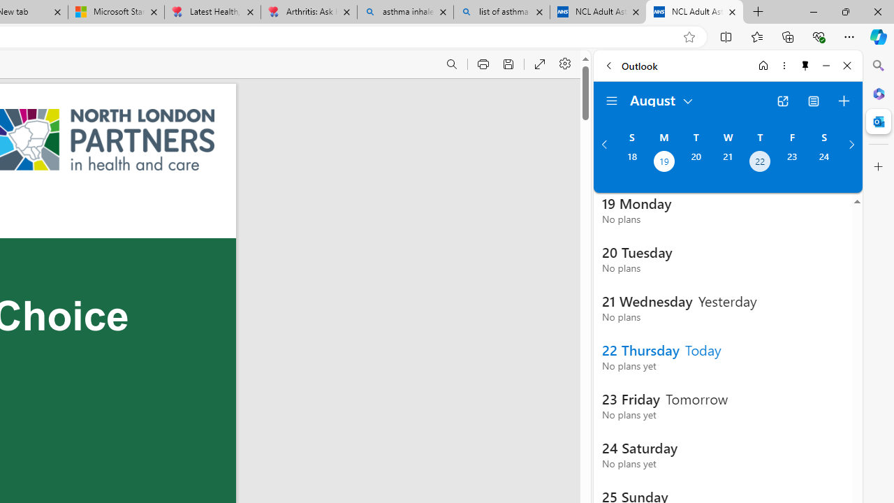 This screenshot has width=894, height=503. I want to click on 'August', so click(661, 99).